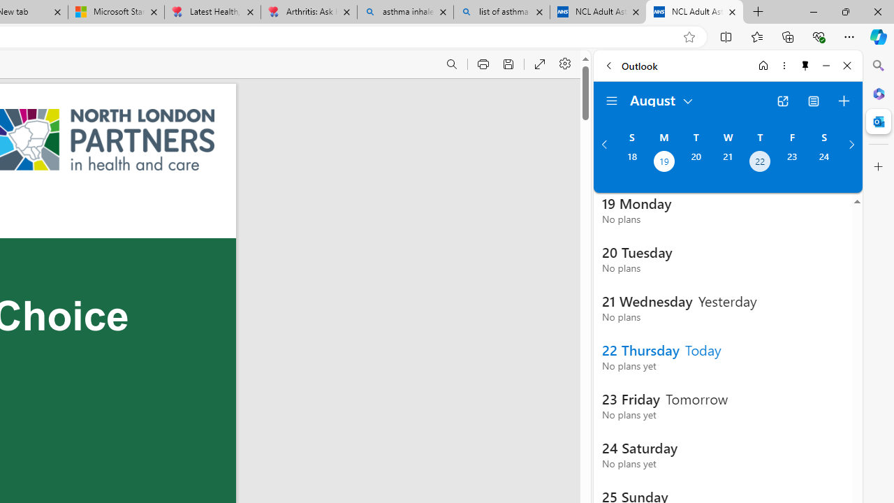 This screenshot has width=894, height=503. I want to click on 'August', so click(661, 99).